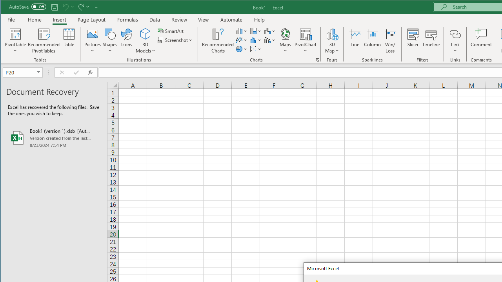 Image resolution: width=502 pixels, height=282 pixels. What do you see at coordinates (285, 41) in the screenshot?
I see `'Maps'` at bounding box center [285, 41].